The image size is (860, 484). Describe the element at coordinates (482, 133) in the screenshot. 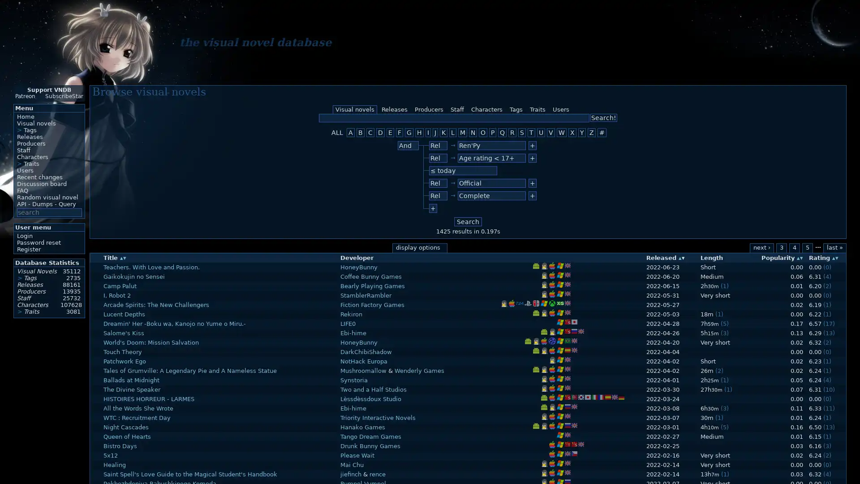

I see `O` at that location.